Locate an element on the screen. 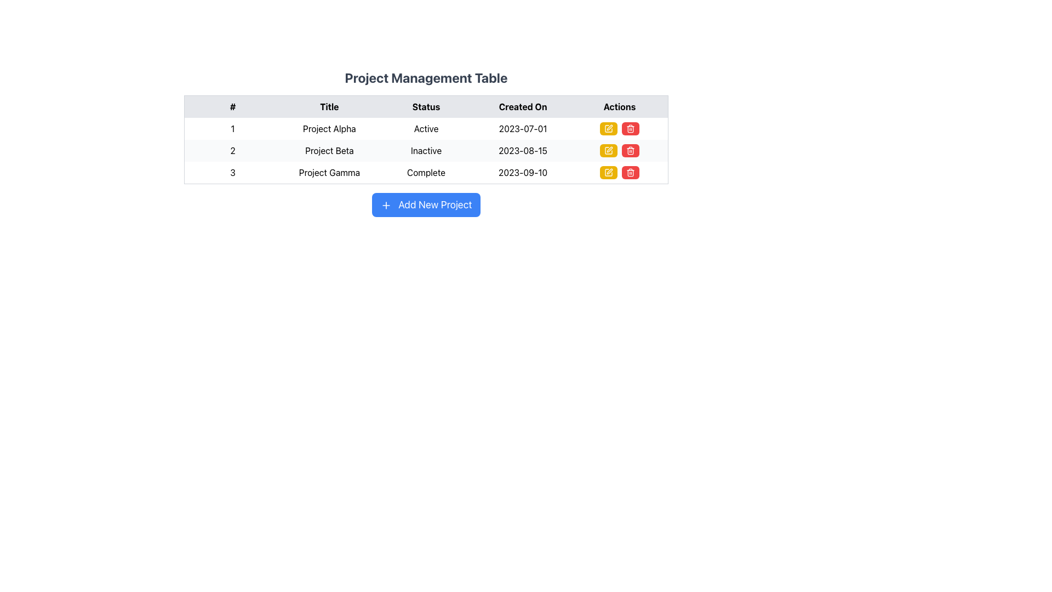 The width and height of the screenshot is (1052, 592). the 'Active' text label in the 'Status' column of the 'Project Management Table' for the first project, 'Project Alpha' is located at coordinates (425, 128).